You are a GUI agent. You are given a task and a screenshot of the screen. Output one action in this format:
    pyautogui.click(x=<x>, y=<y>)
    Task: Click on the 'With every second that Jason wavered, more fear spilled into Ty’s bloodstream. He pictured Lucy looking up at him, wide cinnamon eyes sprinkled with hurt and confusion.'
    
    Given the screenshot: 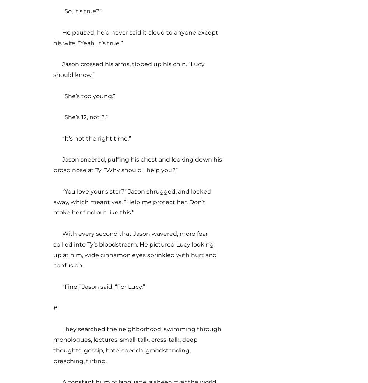 What is the action you would take?
    pyautogui.click(x=135, y=249)
    